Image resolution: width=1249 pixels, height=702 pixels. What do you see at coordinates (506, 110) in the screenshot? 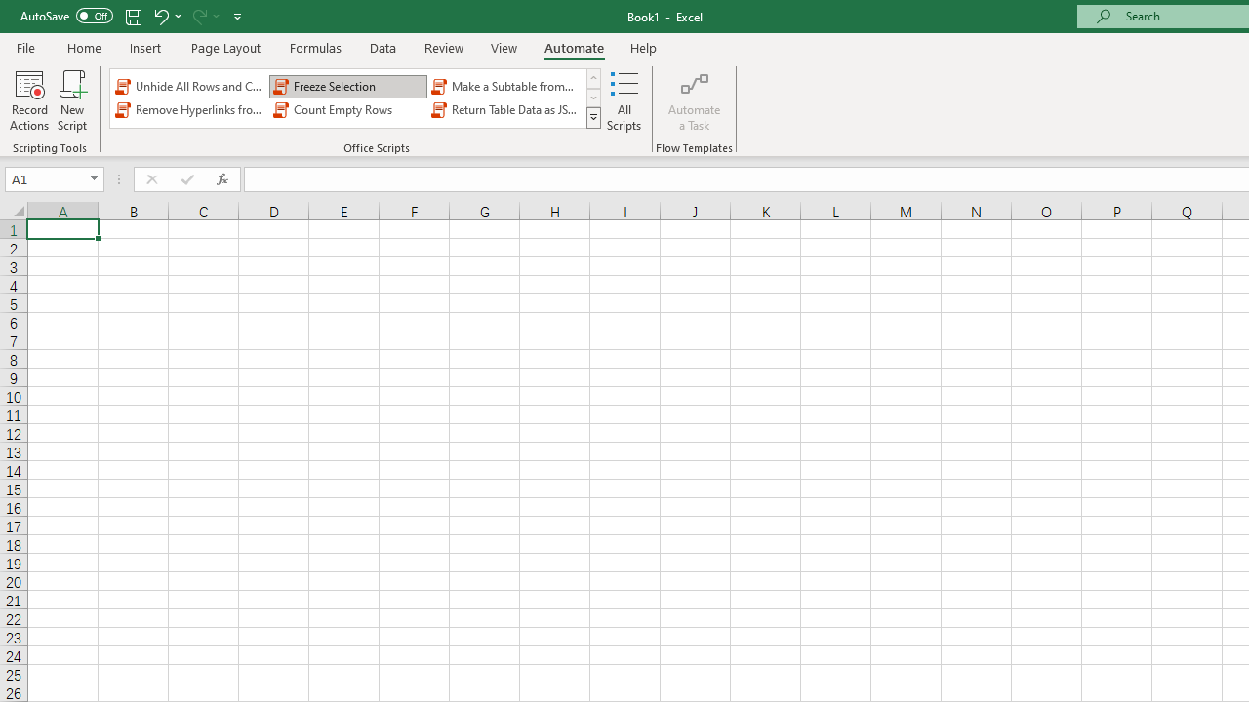
I see `'Return Table Data as JSON'` at bounding box center [506, 110].